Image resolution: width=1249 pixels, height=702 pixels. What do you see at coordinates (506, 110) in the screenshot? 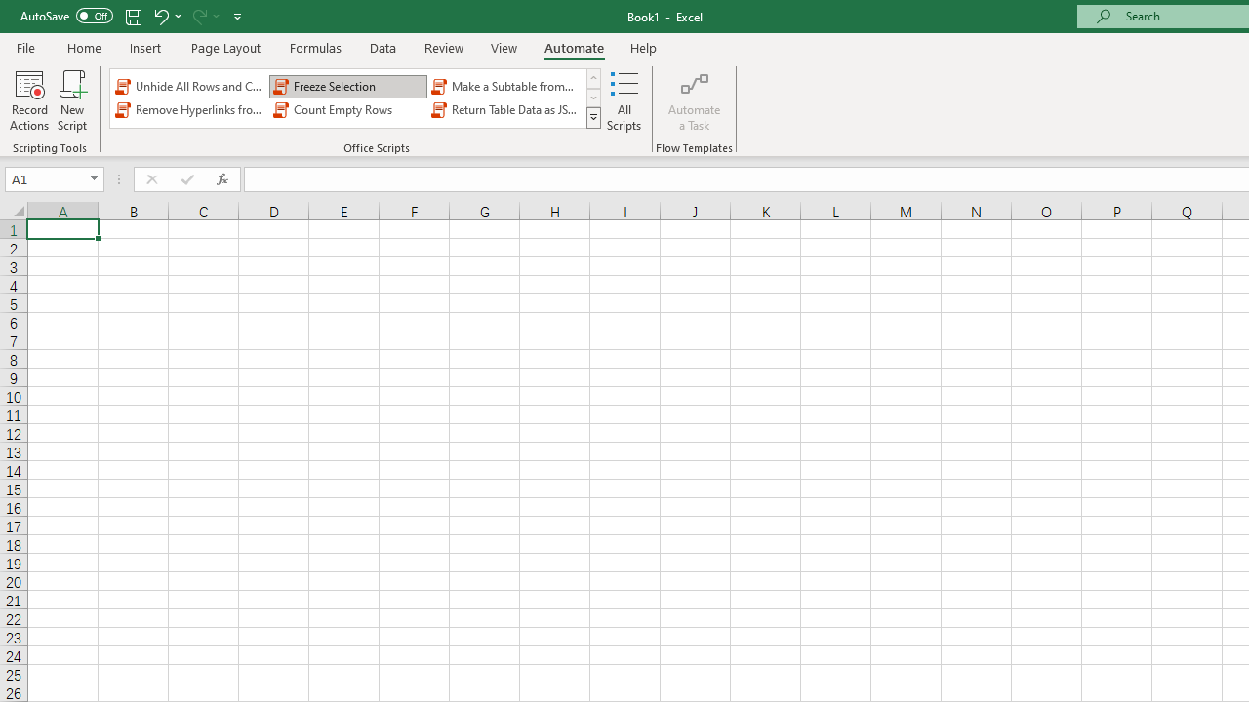
I see `'Return Table Data as JSON'` at bounding box center [506, 110].